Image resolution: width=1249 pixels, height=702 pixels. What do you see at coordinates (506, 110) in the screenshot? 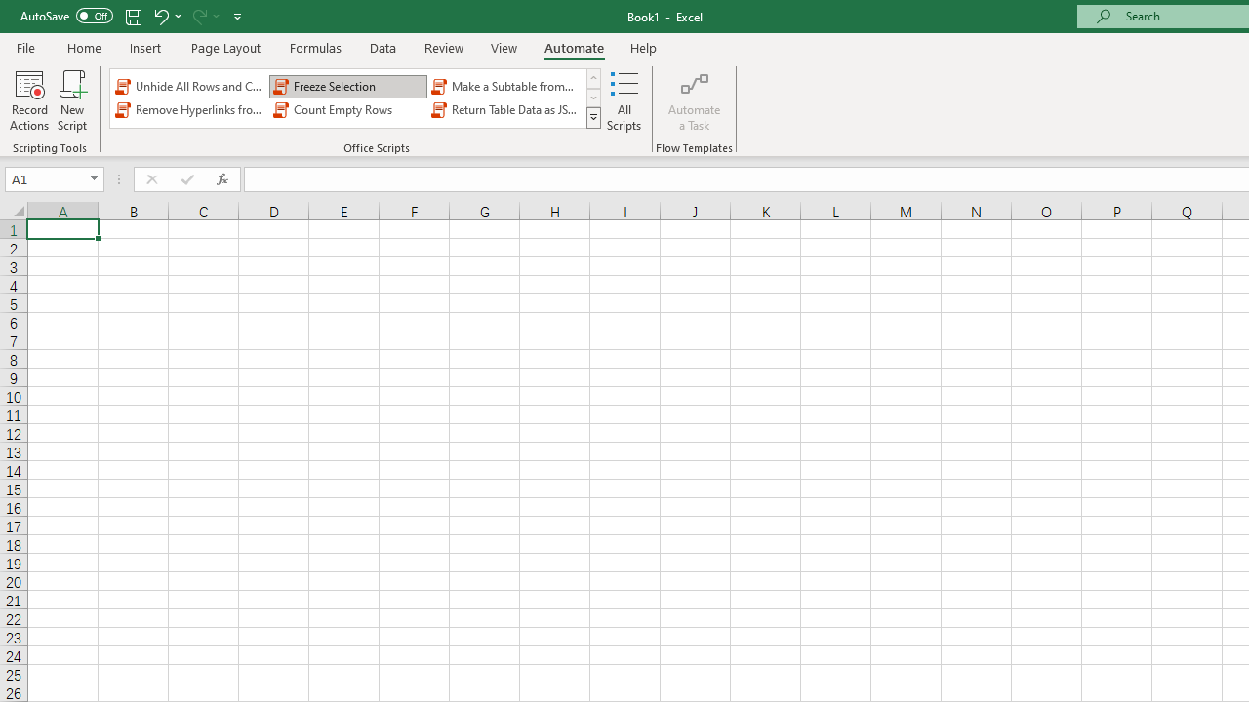
I see `'Return Table Data as JSON'` at bounding box center [506, 110].